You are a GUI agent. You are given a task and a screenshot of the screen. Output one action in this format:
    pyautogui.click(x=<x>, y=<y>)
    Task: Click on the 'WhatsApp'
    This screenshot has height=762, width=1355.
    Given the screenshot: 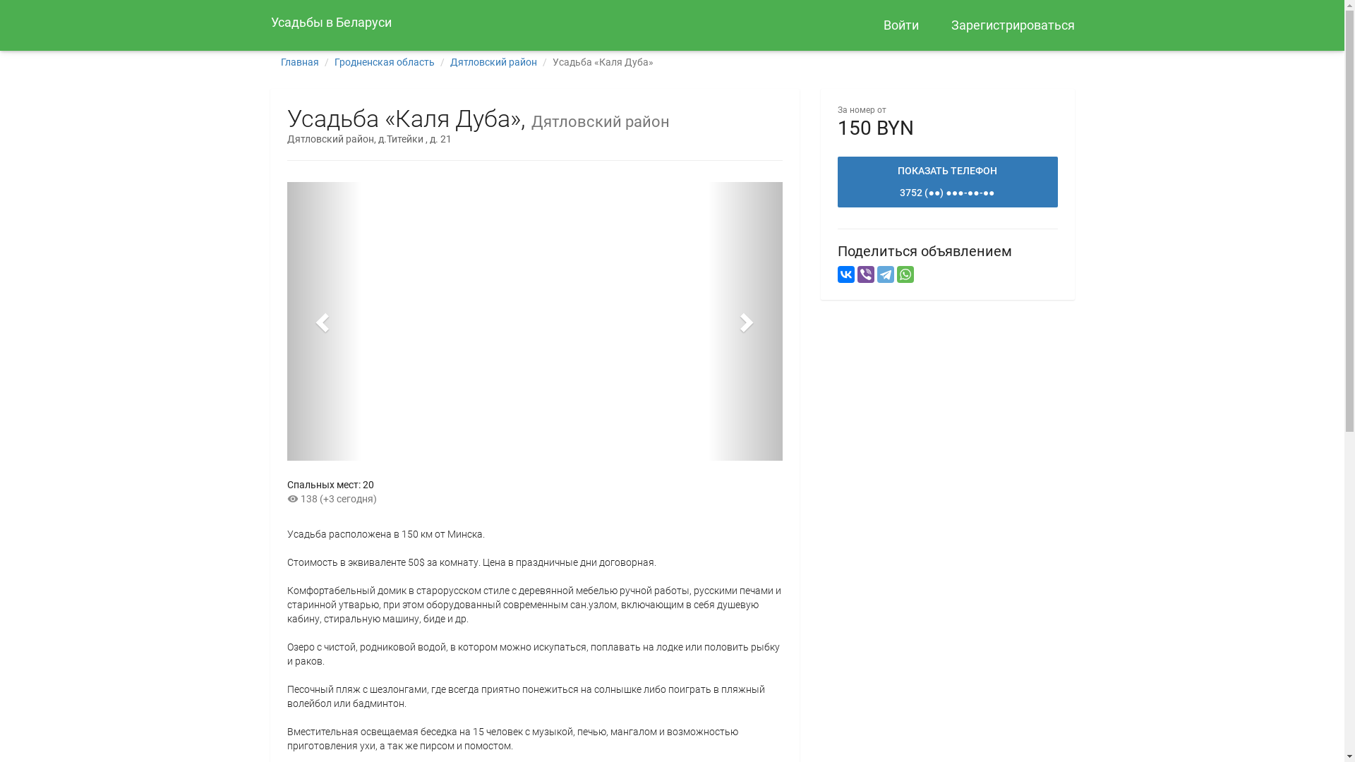 What is the action you would take?
    pyautogui.click(x=896, y=274)
    